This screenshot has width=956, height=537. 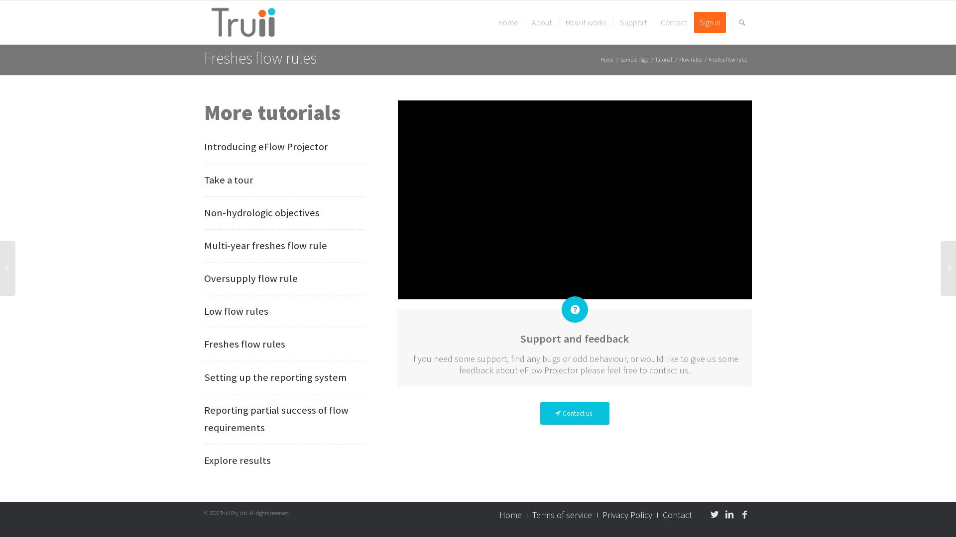 I want to click on 'Support', so click(x=633, y=22).